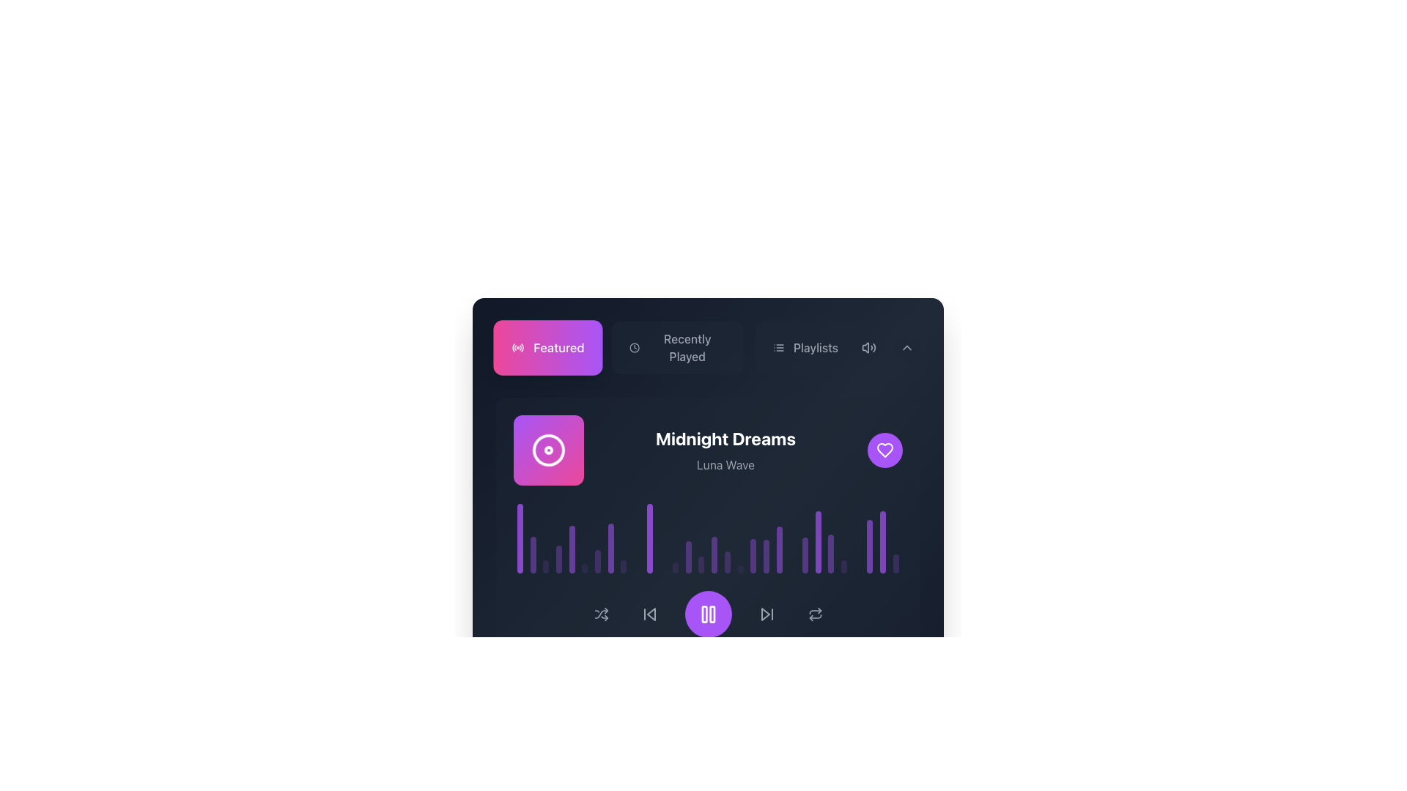  What do you see at coordinates (599, 714) in the screenshot?
I see `the interactive card or button representing the audio track or playlist item located in the top-left corner of the grid layout` at bounding box center [599, 714].